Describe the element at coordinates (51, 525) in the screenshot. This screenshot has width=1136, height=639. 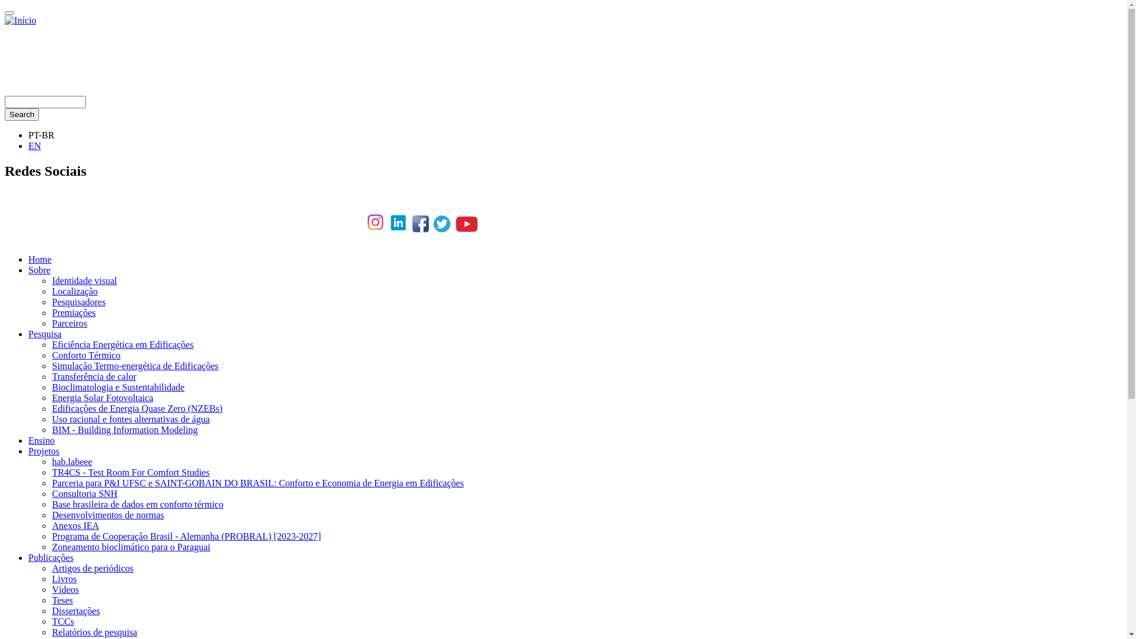
I see `'Anexos IEA'` at that location.